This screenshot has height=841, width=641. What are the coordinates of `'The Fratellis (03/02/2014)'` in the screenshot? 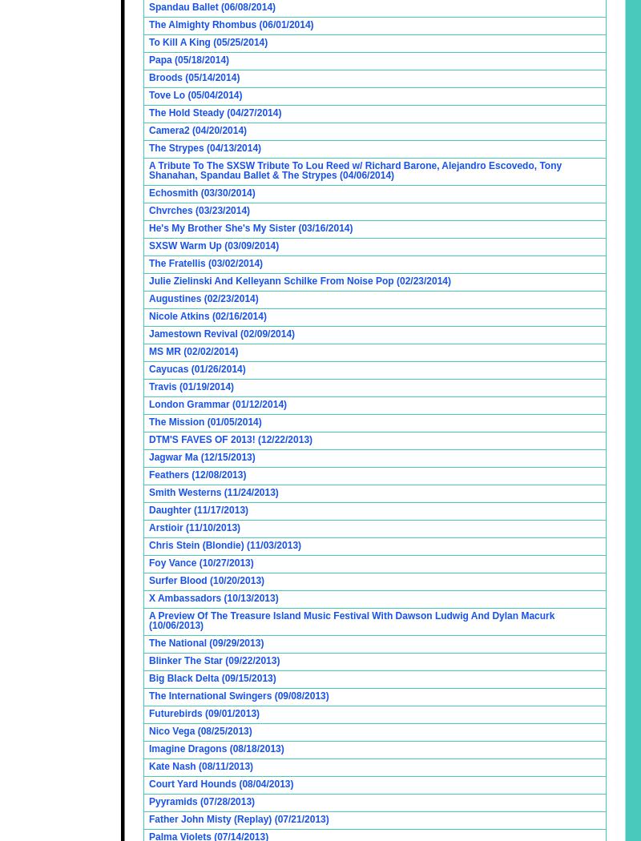 It's located at (204, 263).